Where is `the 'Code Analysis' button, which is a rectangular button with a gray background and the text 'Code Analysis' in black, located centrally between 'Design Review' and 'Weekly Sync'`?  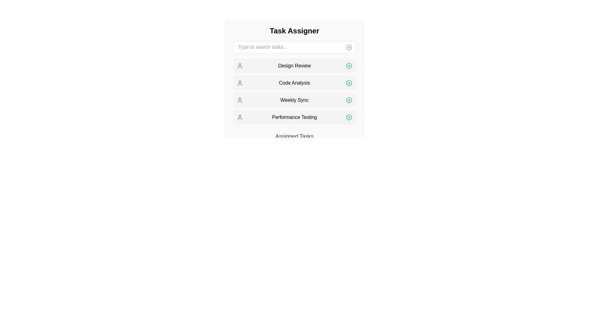 the 'Code Analysis' button, which is a rectangular button with a gray background and the text 'Code Analysis' in black, located centrally between 'Design Review' and 'Weekly Sync' is located at coordinates (294, 83).